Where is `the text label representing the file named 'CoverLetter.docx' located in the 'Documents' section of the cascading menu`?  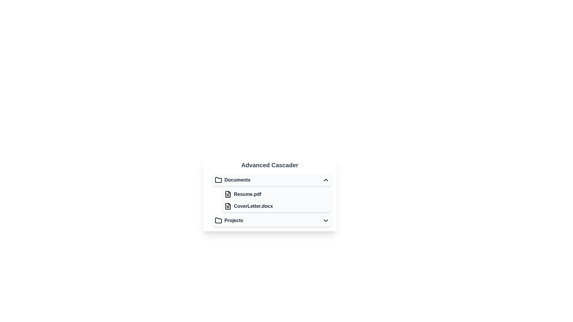 the text label representing the file named 'CoverLetter.docx' located in the 'Documents' section of the cascading menu is located at coordinates (253, 206).